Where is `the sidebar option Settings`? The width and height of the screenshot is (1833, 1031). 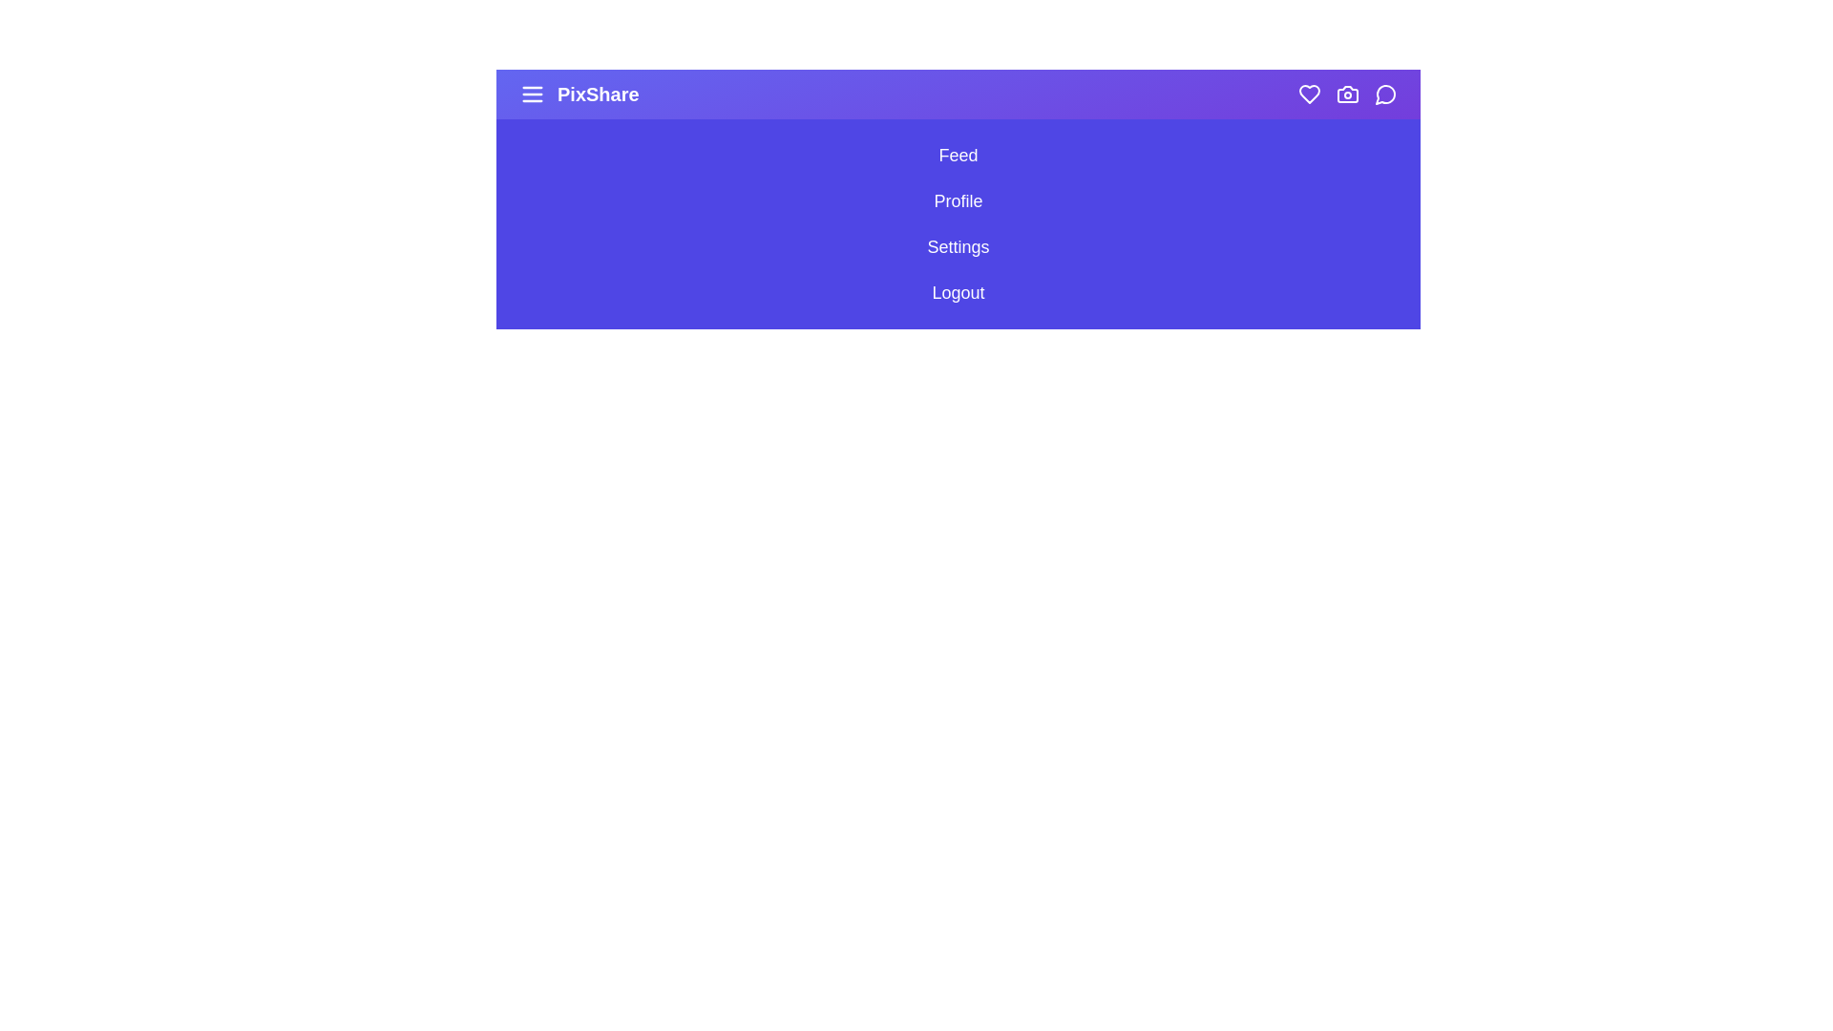 the sidebar option Settings is located at coordinates (958, 245).